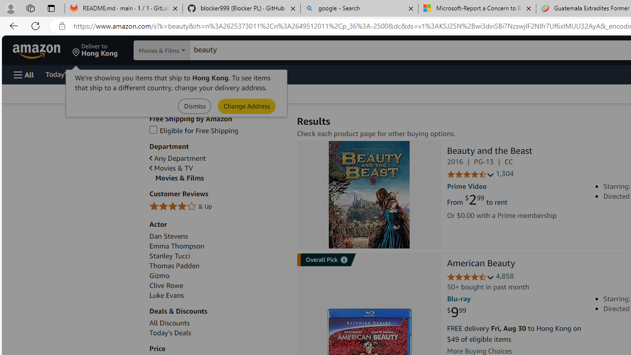 The image size is (631, 355). Describe the element at coordinates (217, 333) in the screenshot. I see `'Today'` at that location.